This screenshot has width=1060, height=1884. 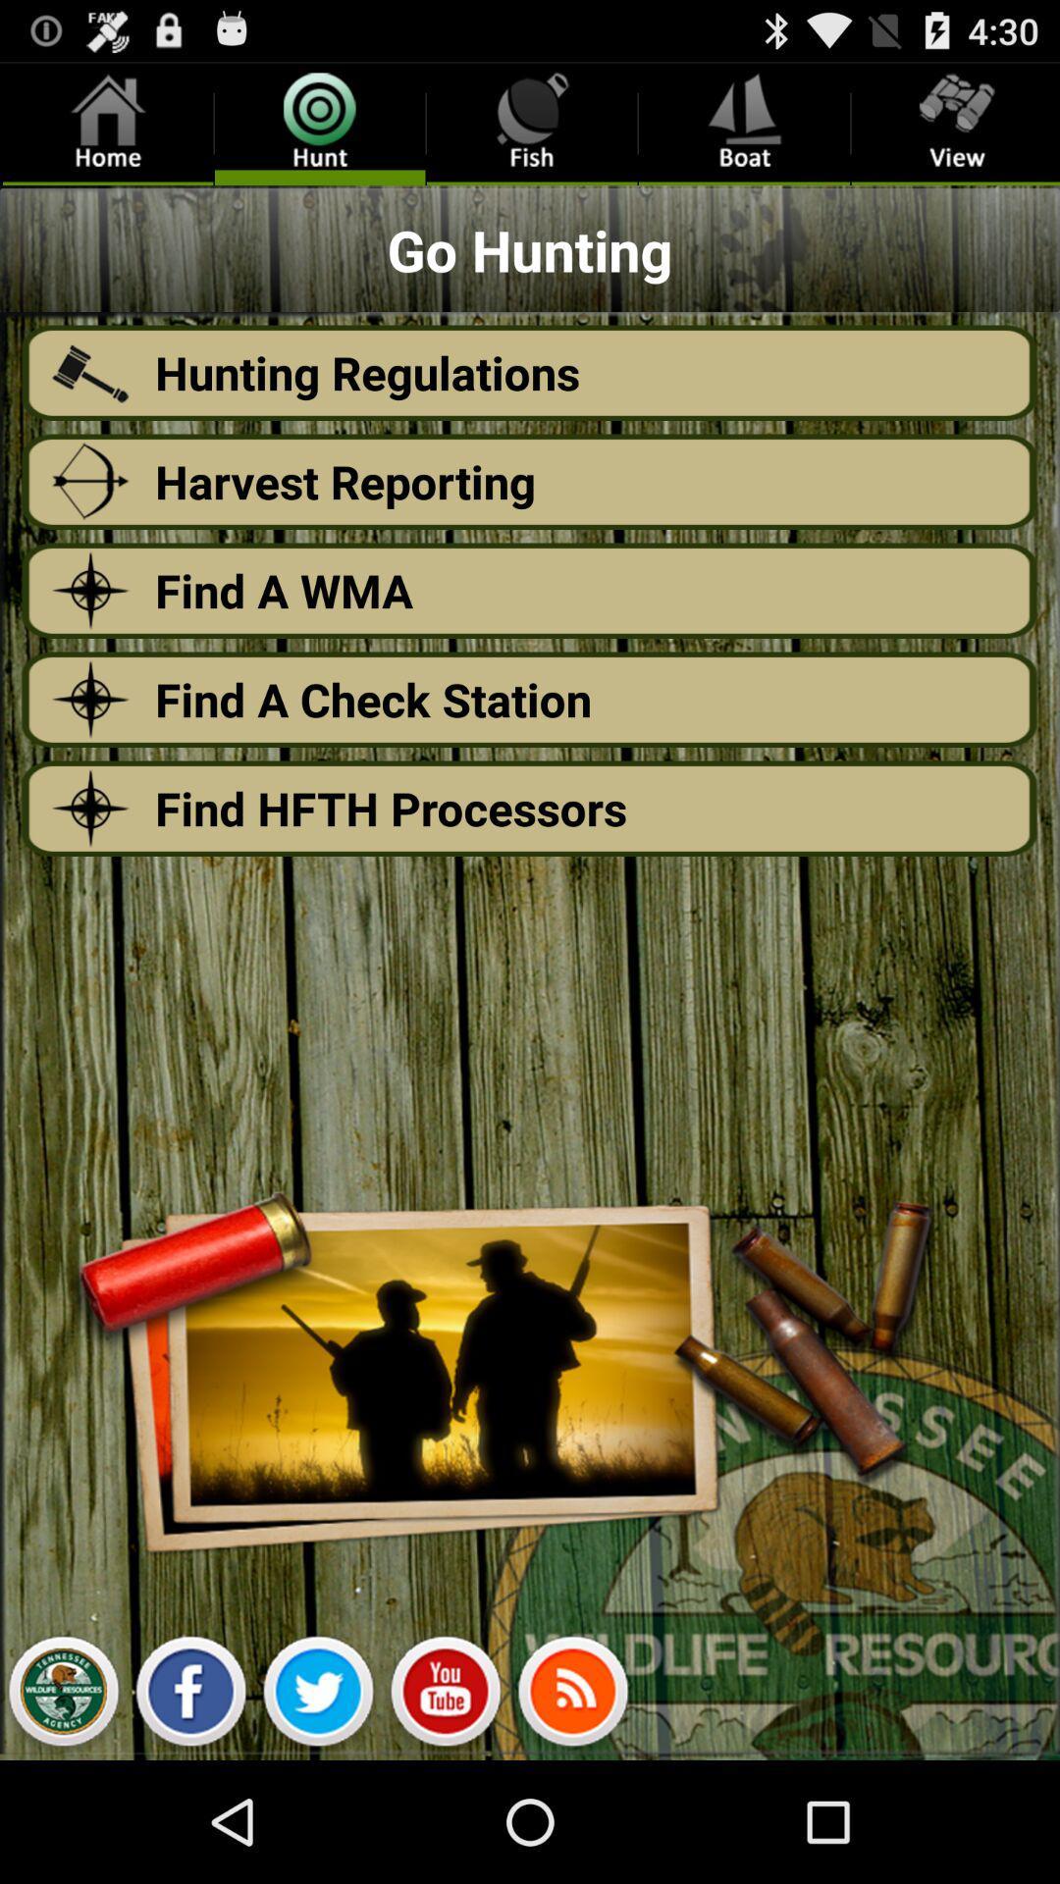 I want to click on through facebook login, so click(x=190, y=1696).